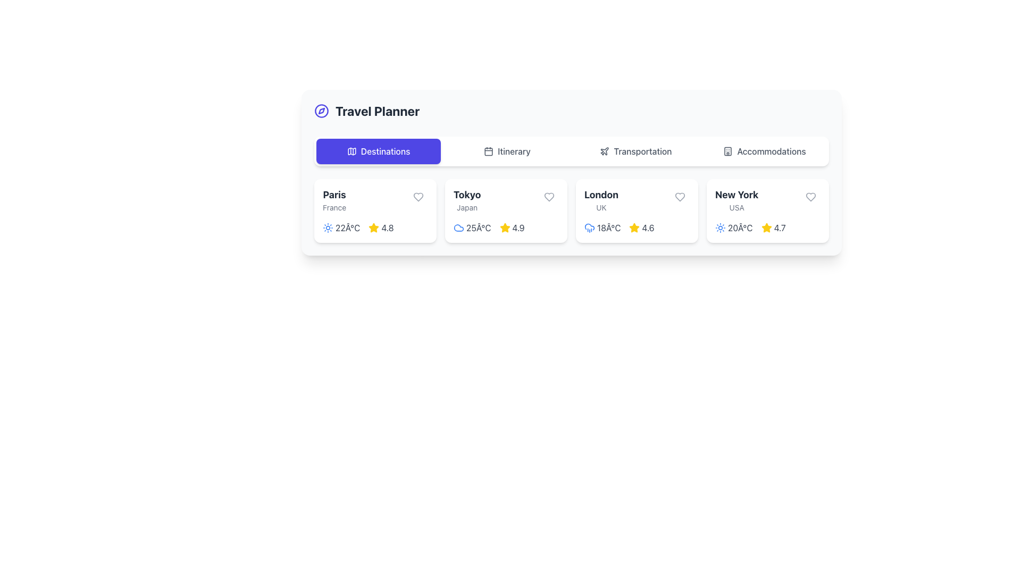 The height and width of the screenshot is (574, 1021). What do you see at coordinates (634, 227) in the screenshot?
I see `the rating icon next to the '4.6' text in the rating information panel of the card representing 'London, UK.'` at bounding box center [634, 227].